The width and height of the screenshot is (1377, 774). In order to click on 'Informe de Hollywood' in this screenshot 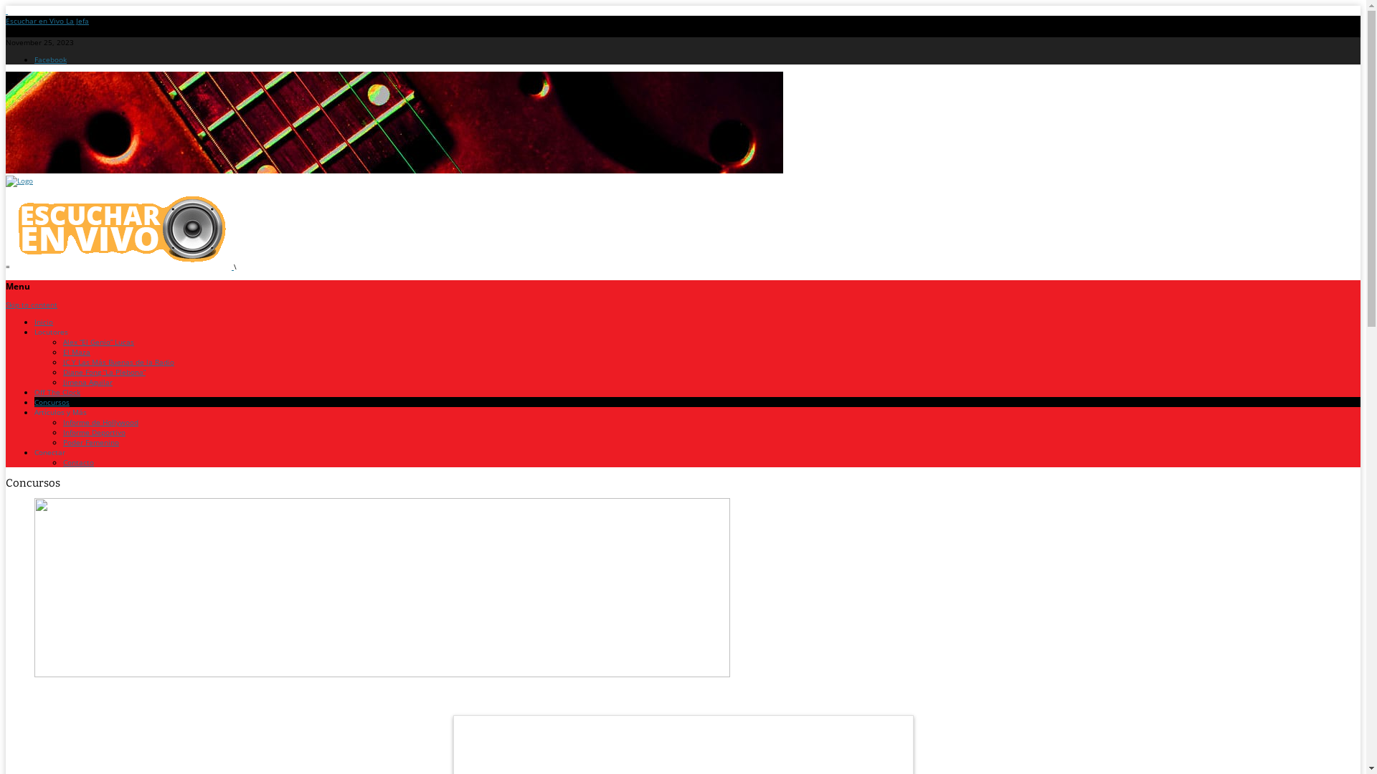, I will do `click(100, 421)`.